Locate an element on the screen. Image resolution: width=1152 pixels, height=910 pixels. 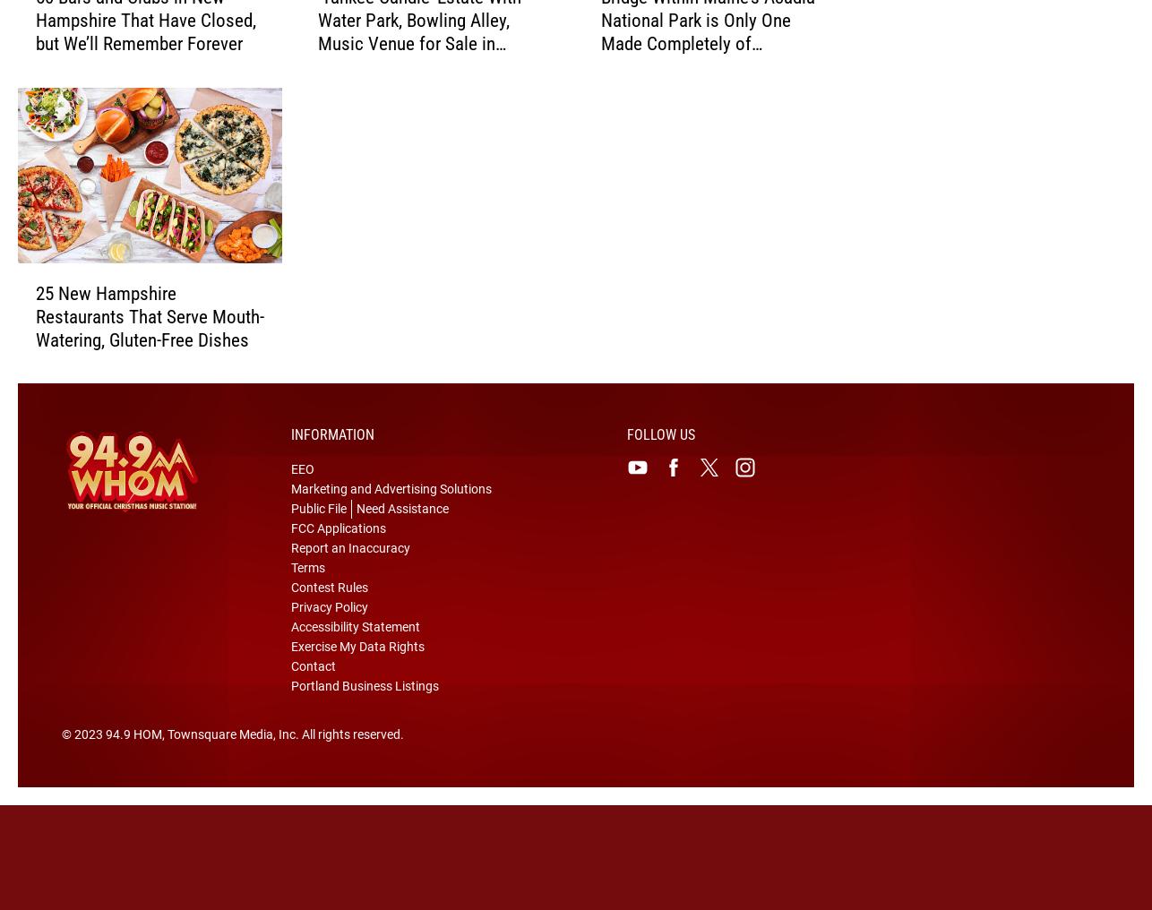
'Terms' is located at coordinates (307, 595).